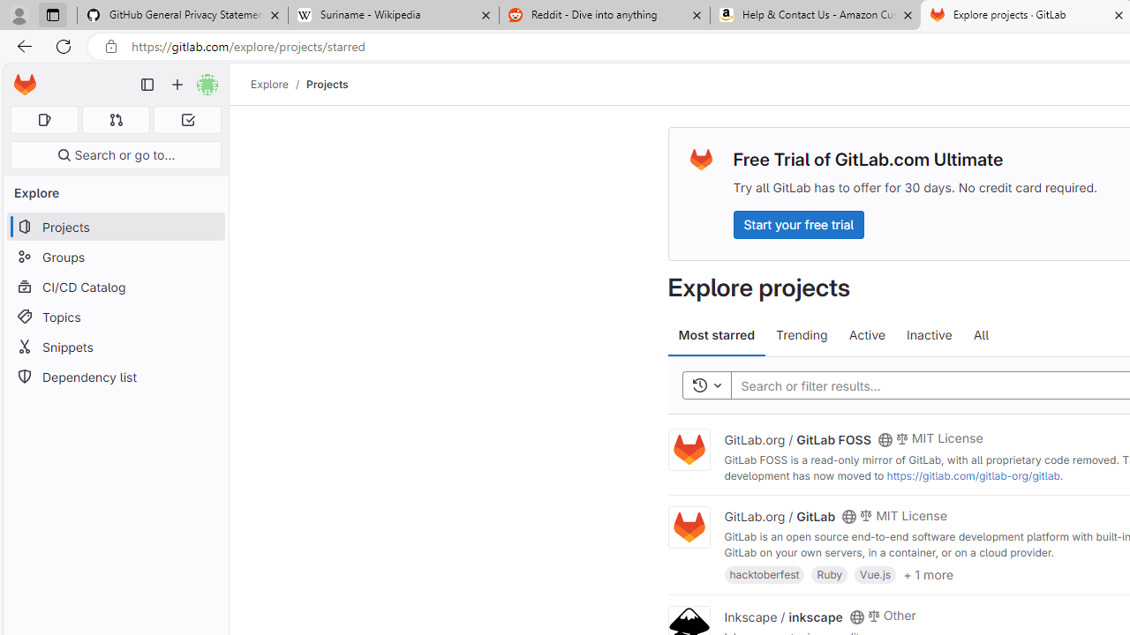 Image resolution: width=1130 pixels, height=635 pixels. Describe the element at coordinates (972, 474) in the screenshot. I see `'https://gitlab.com/gitlab-org/gitlab'` at that location.